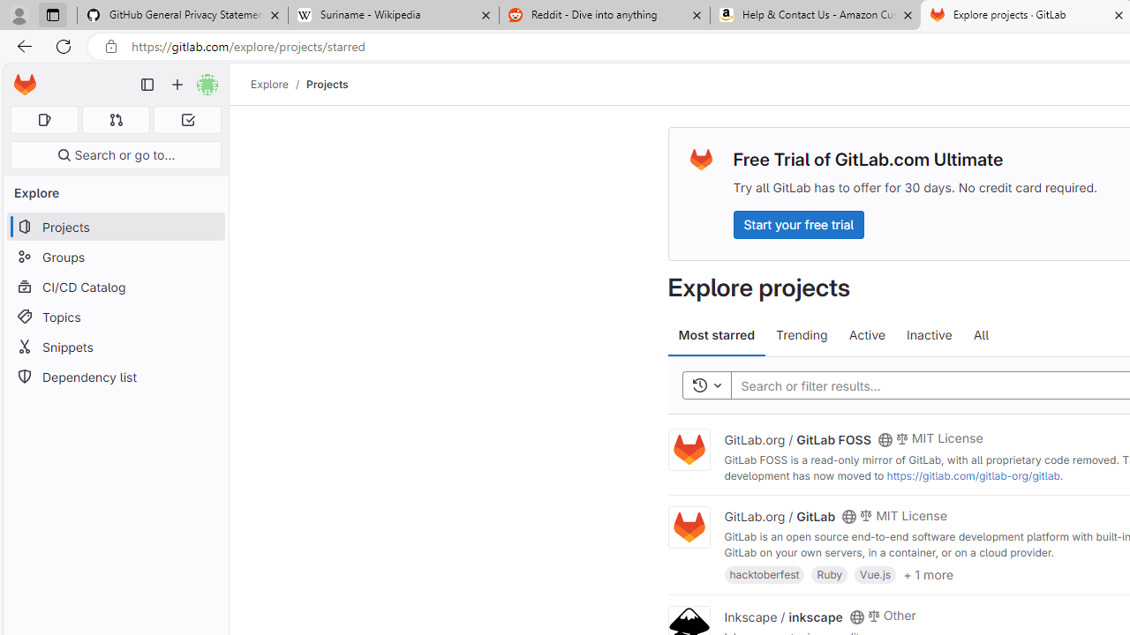 Image resolution: width=1130 pixels, height=635 pixels. Describe the element at coordinates (972, 474) in the screenshot. I see `'https://gitlab.com/gitlab-org/gitlab'` at that location.